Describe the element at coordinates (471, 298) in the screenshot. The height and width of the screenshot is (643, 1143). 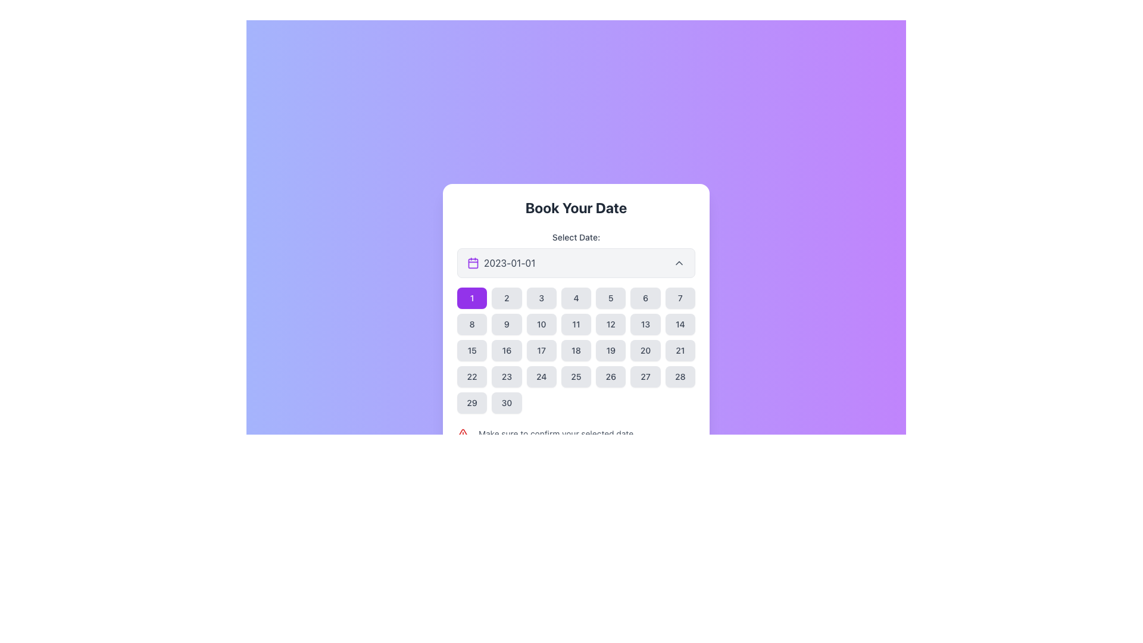
I see `the rectangular button with a purple background and white text displaying the number '1'` at that location.